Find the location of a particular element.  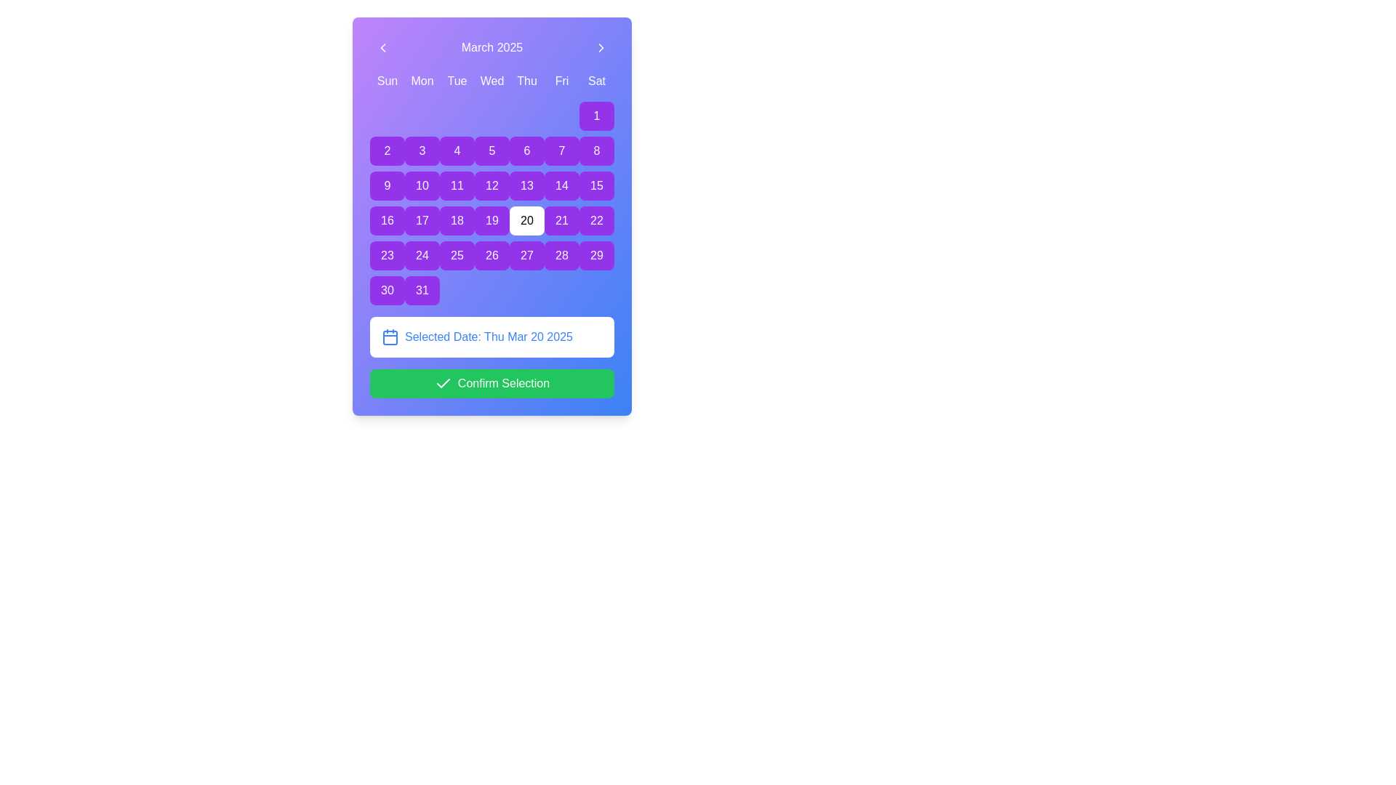

the date cell in the Calendar grid located below the 'March 2025' heading is located at coordinates (492, 204).